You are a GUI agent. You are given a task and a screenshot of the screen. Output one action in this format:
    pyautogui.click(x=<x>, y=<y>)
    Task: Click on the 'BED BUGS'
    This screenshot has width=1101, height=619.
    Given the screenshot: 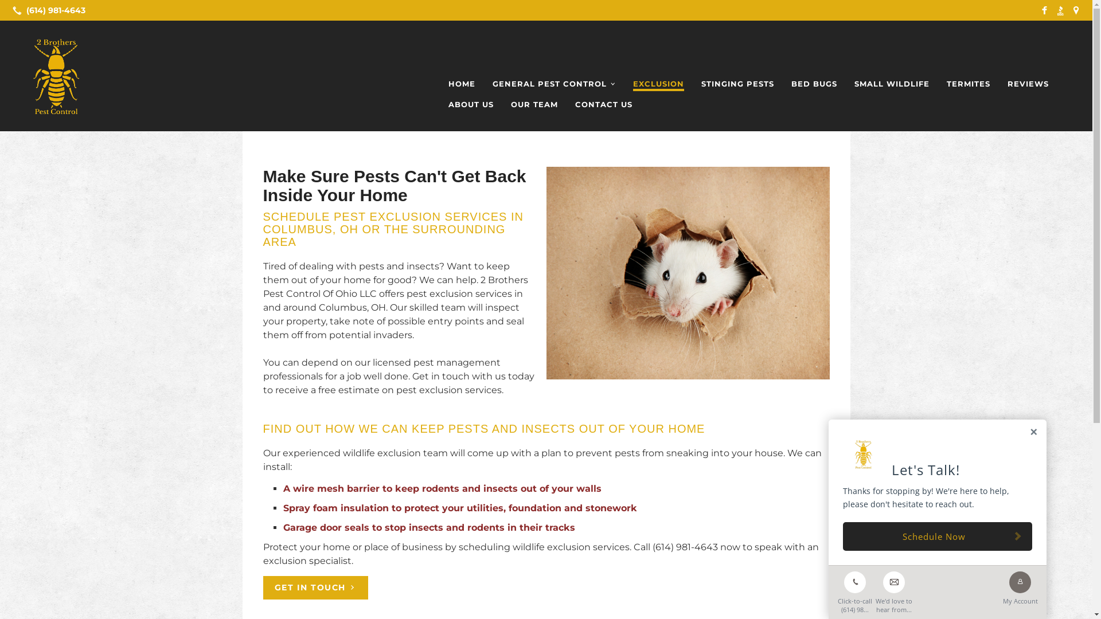 What is the action you would take?
    pyautogui.click(x=814, y=83)
    